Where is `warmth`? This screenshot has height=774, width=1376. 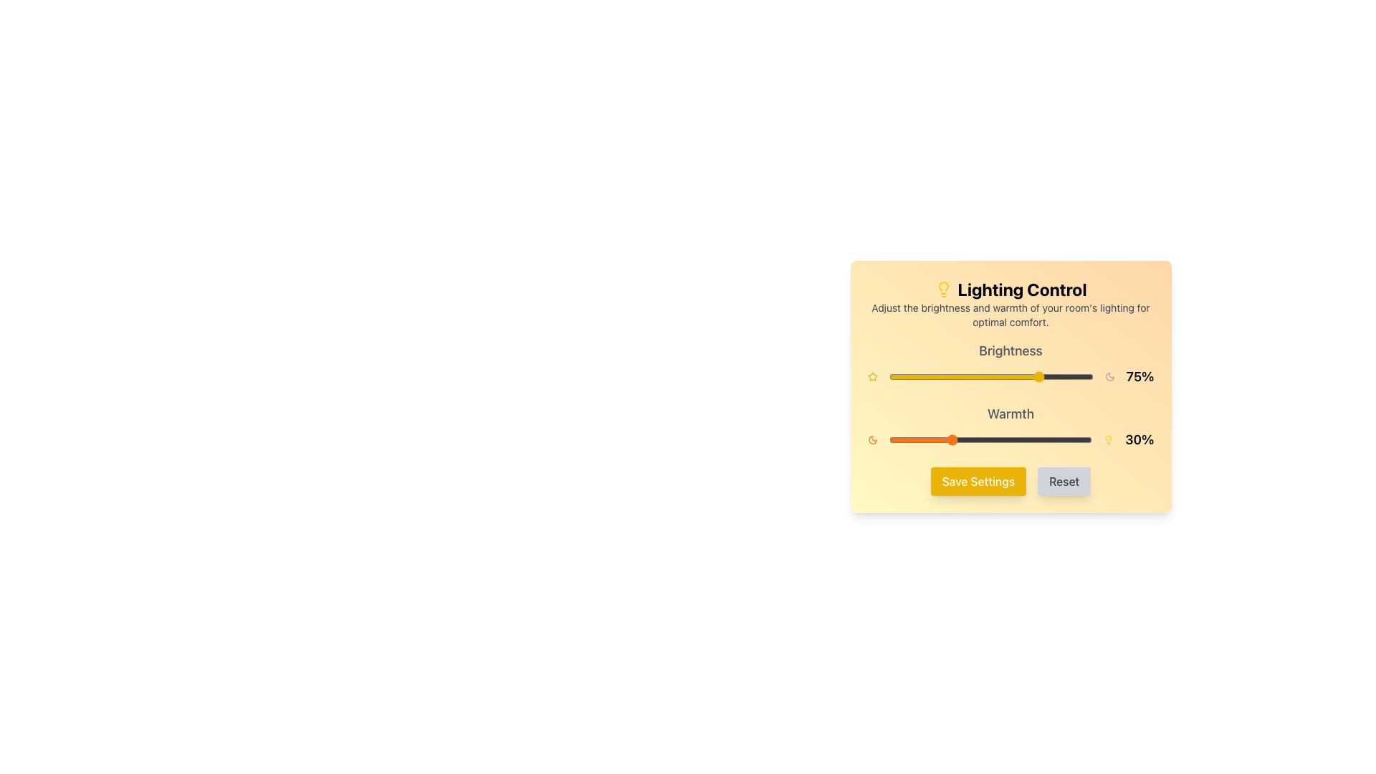
warmth is located at coordinates (946, 439).